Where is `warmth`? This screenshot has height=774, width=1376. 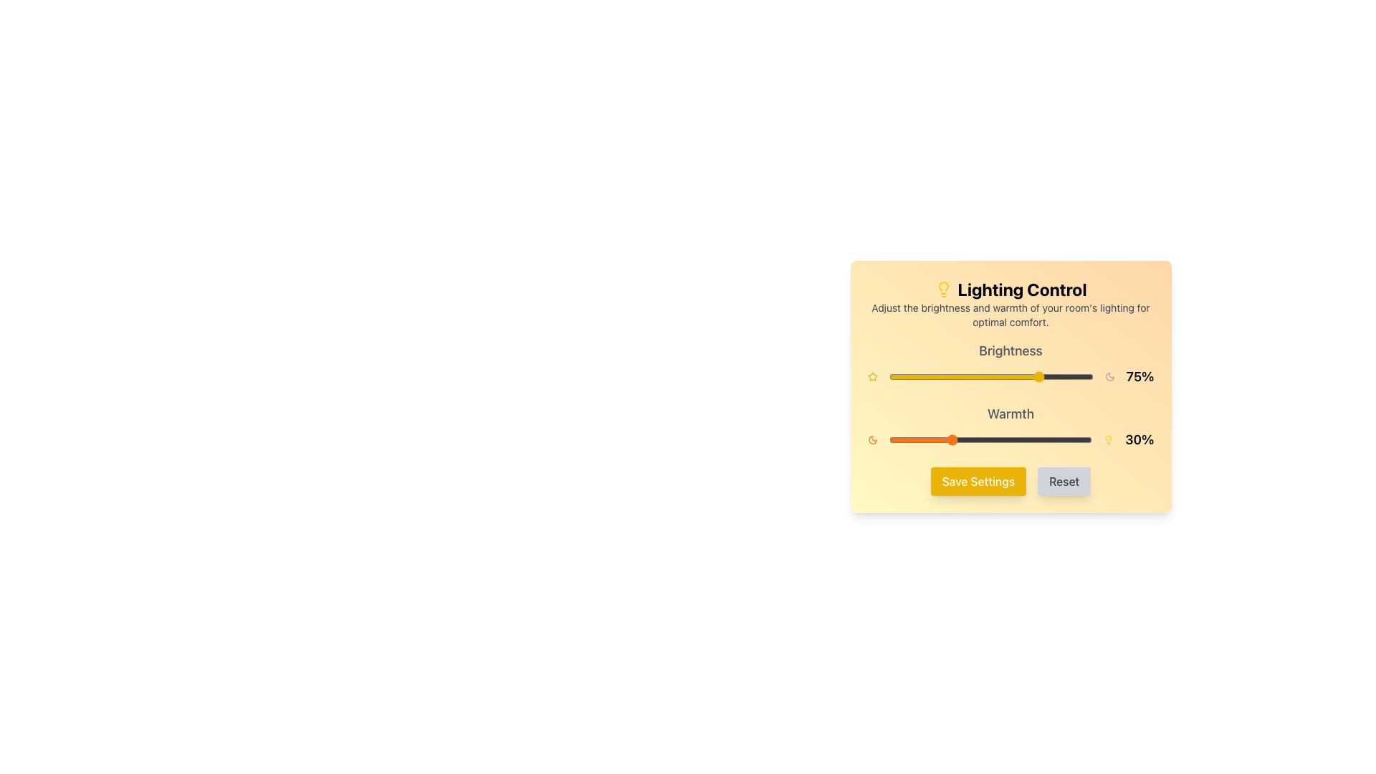
warmth is located at coordinates (946, 439).